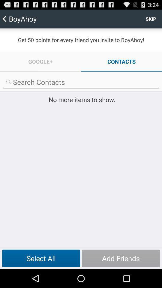  Describe the element at coordinates (151, 19) in the screenshot. I see `the icon to the right of boyahoy item` at that location.